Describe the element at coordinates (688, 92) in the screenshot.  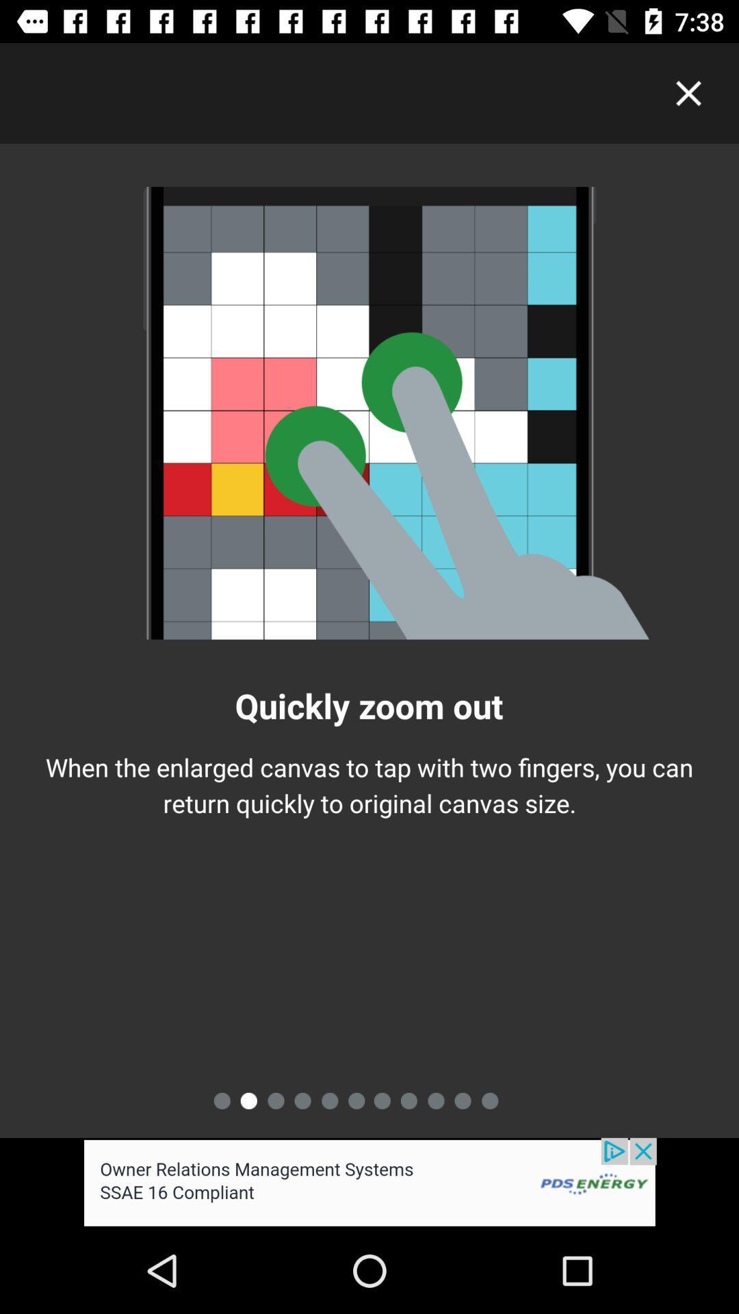
I see `the article` at that location.